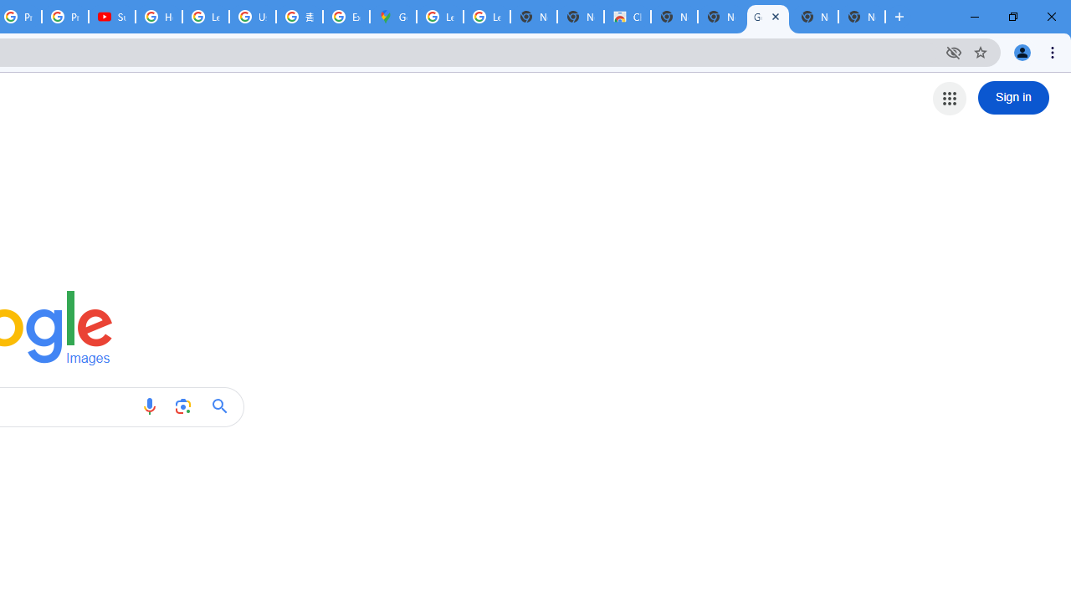 The height and width of the screenshot is (602, 1071). I want to click on 'Chrome Web Store', so click(627, 17).